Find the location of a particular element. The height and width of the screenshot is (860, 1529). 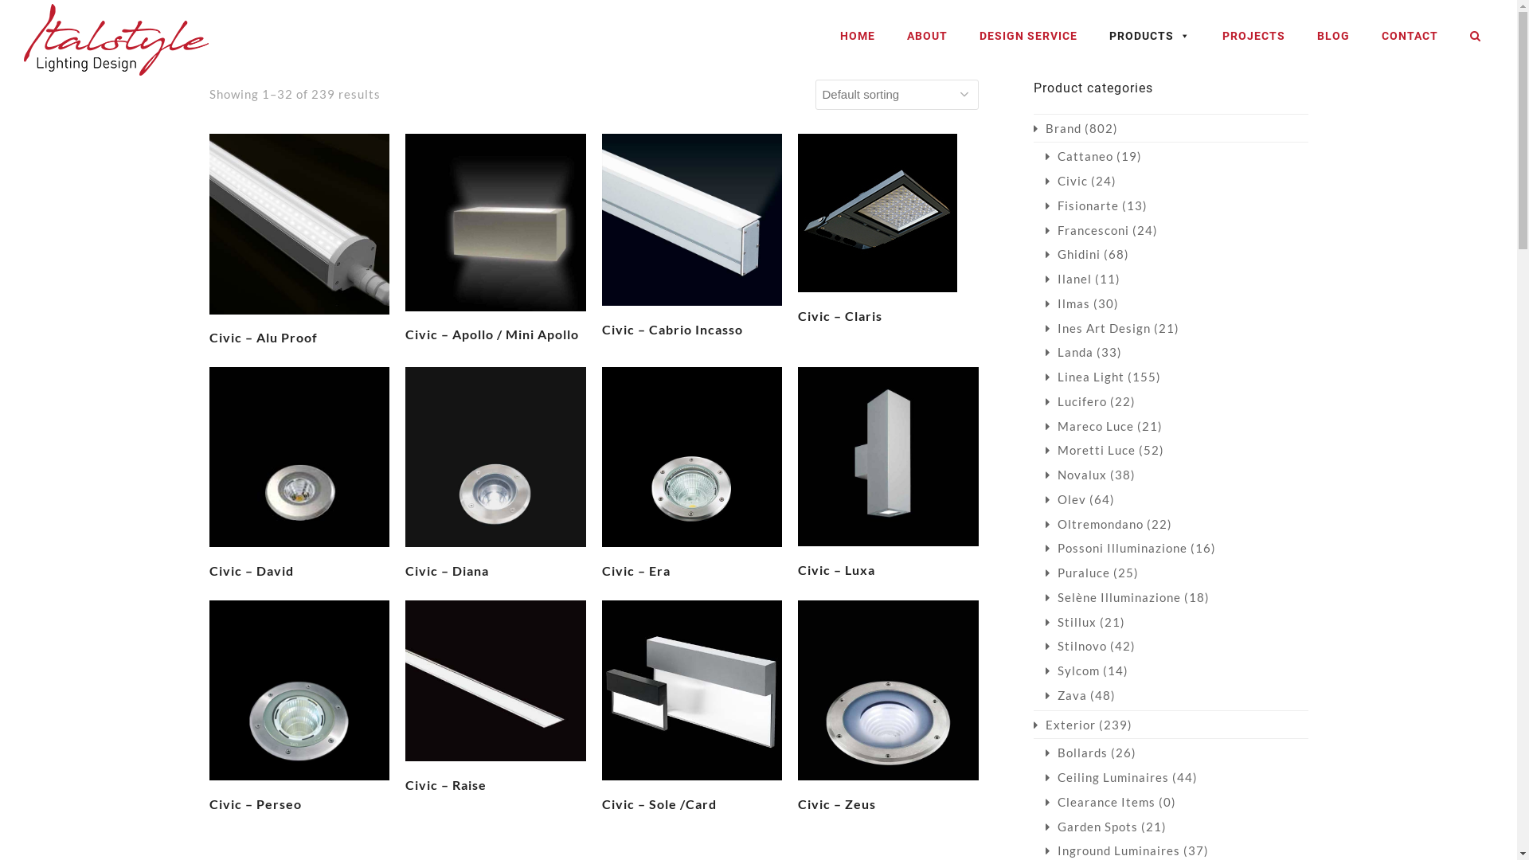

'Zava' is located at coordinates (1066, 694).